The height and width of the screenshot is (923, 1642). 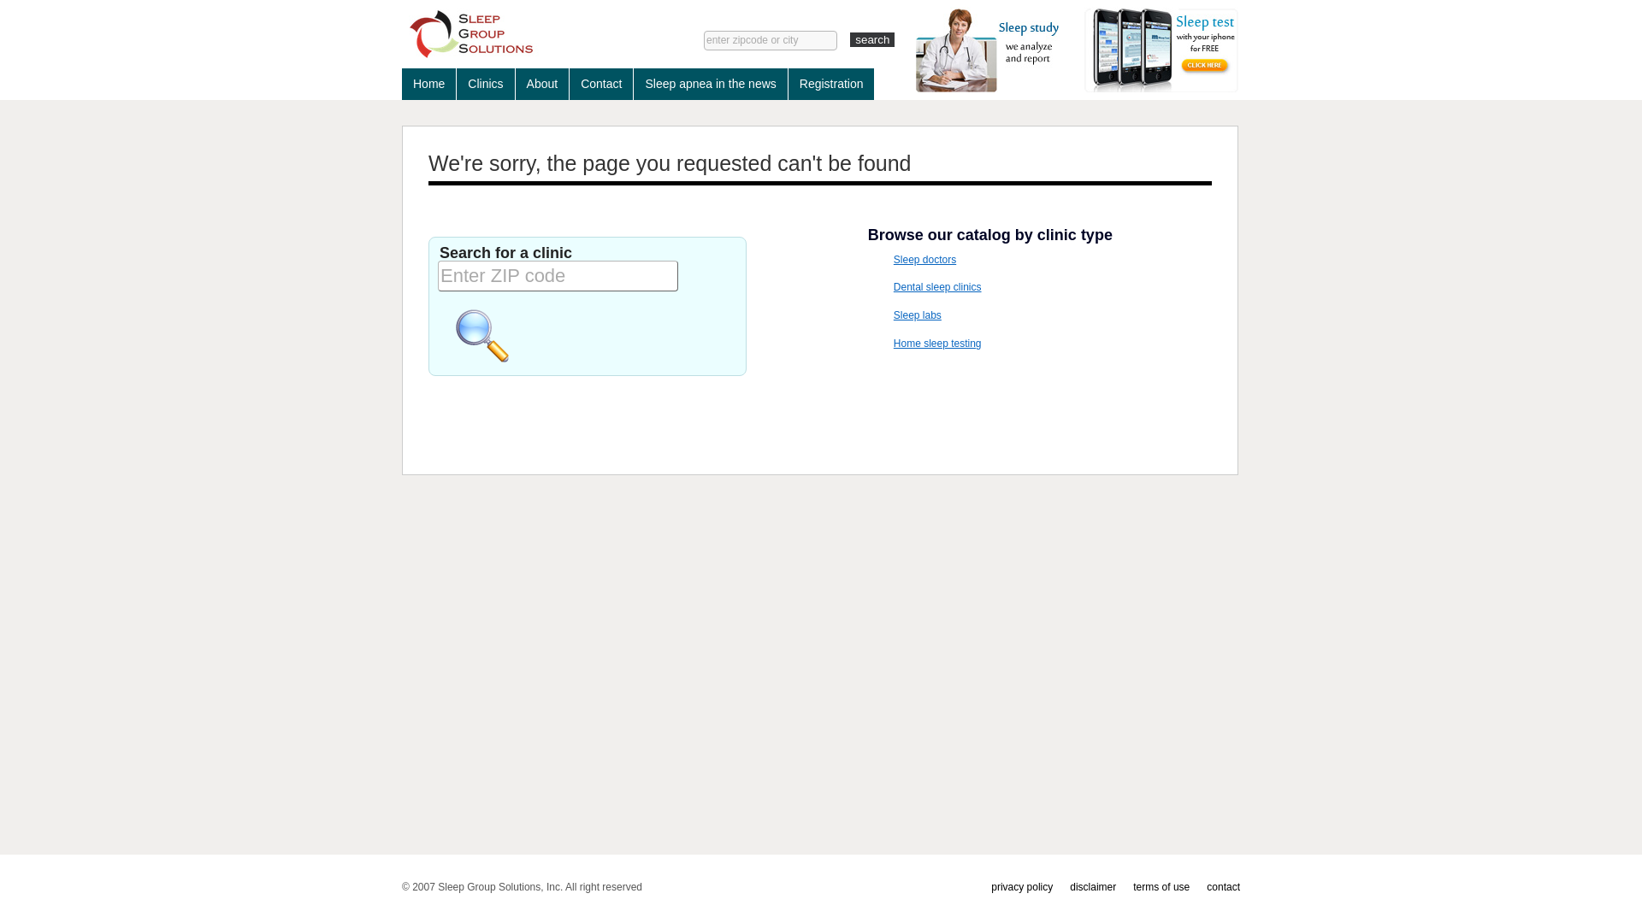 What do you see at coordinates (428, 84) in the screenshot?
I see `'Home'` at bounding box center [428, 84].